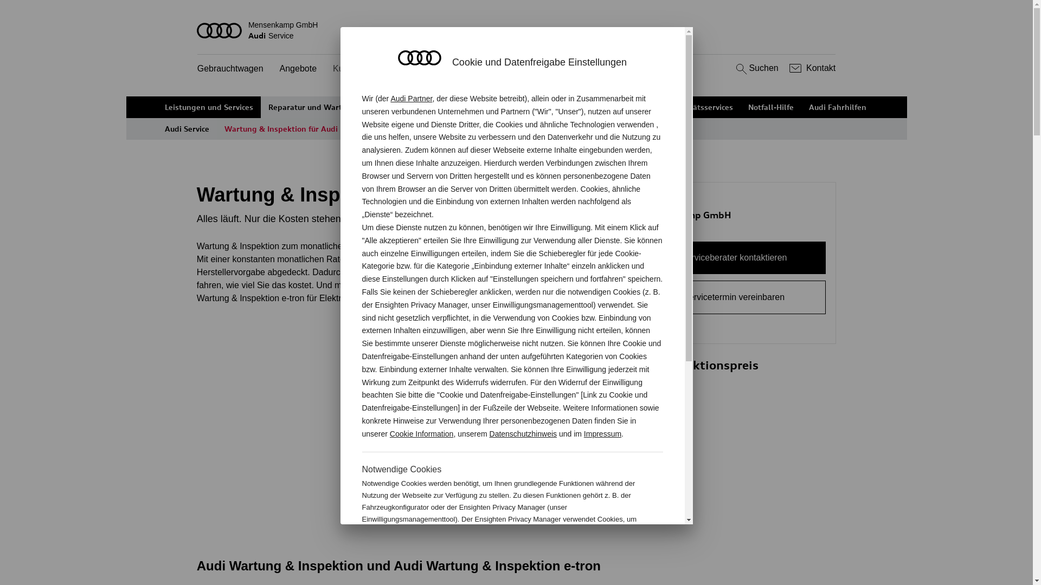  What do you see at coordinates (445, 107) in the screenshot?
I see `'Ihre Ansprechpartner'` at bounding box center [445, 107].